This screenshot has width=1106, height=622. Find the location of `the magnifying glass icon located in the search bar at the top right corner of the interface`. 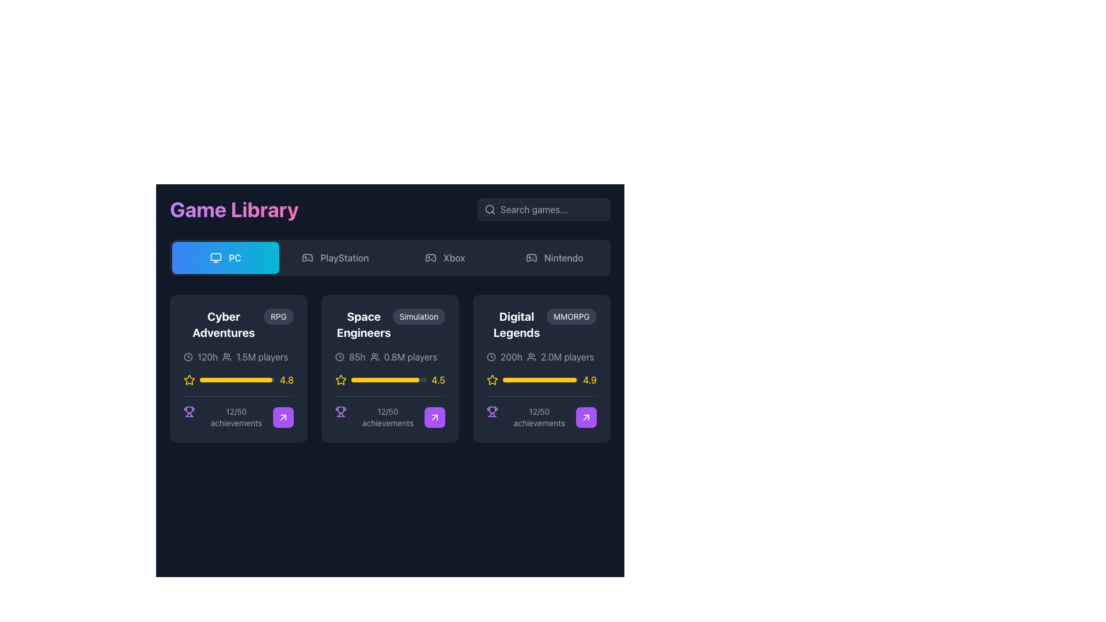

the magnifying glass icon located in the search bar at the top right corner of the interface is located at coordinates (490, 209).